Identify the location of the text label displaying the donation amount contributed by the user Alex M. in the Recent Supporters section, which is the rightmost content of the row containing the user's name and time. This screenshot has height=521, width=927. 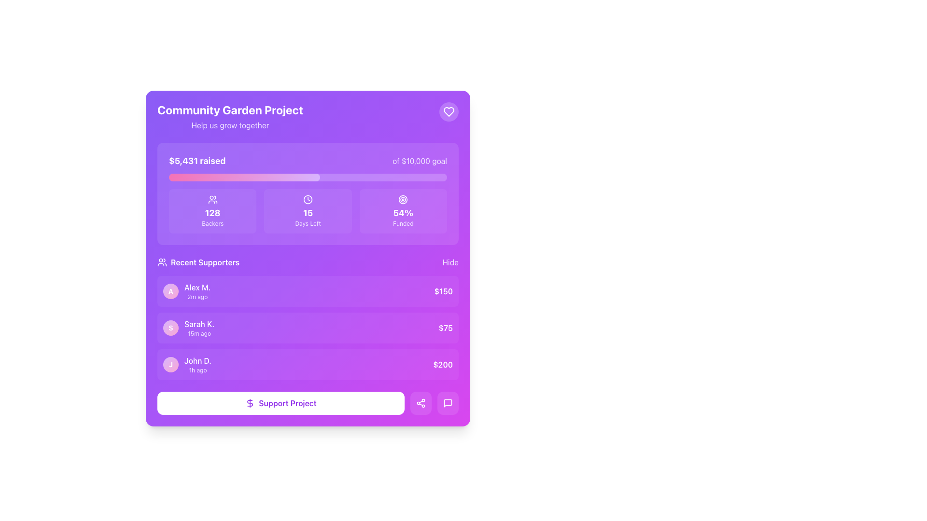
(443, 291).